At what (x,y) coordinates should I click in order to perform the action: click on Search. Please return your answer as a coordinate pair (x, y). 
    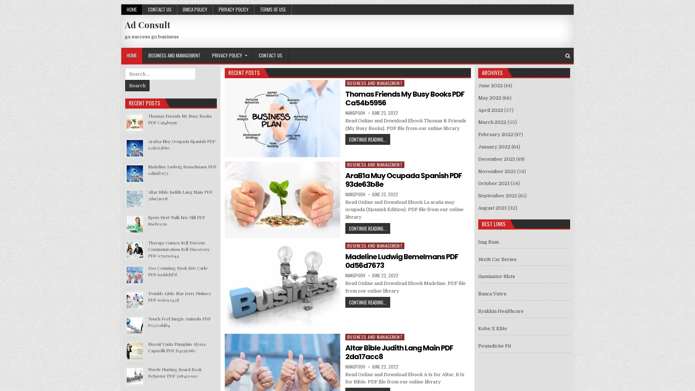
    Looking at the image, I should click on (137, 85).